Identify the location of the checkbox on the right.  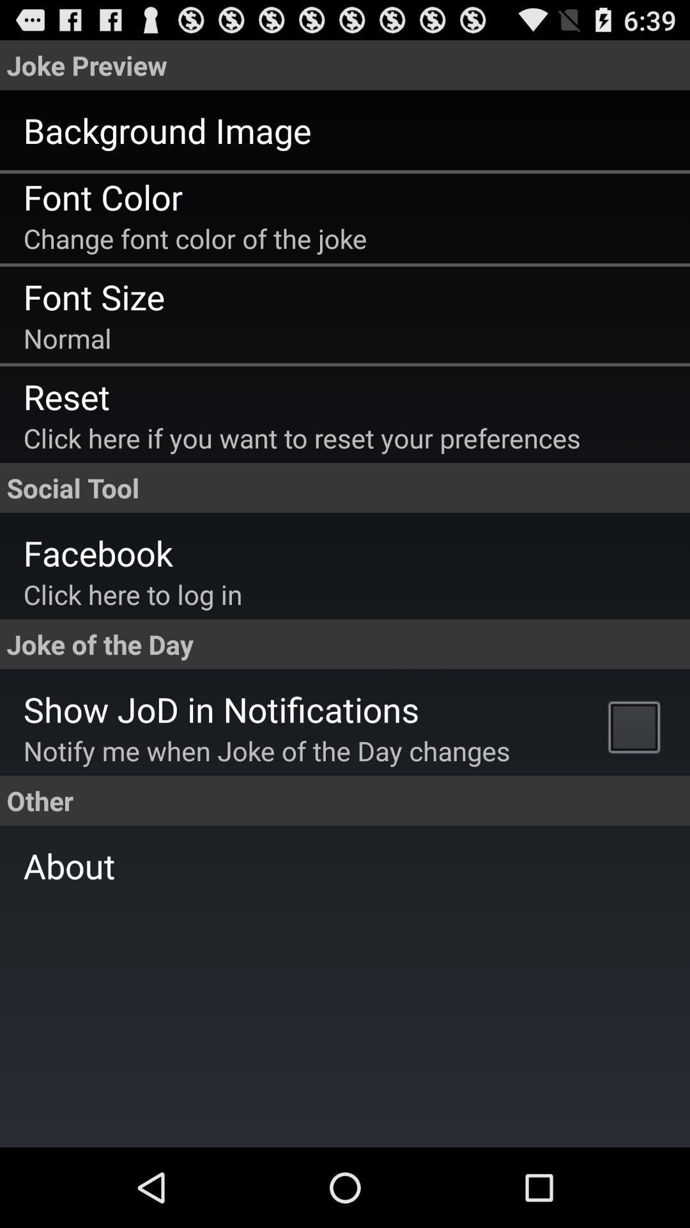
(637, 726).